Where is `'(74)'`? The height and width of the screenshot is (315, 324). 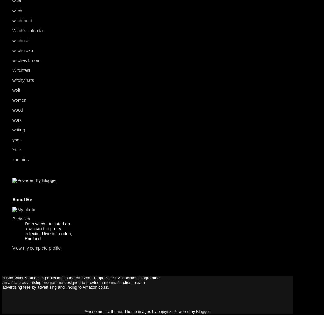 '(74)' is located at coordinates (37, 20).